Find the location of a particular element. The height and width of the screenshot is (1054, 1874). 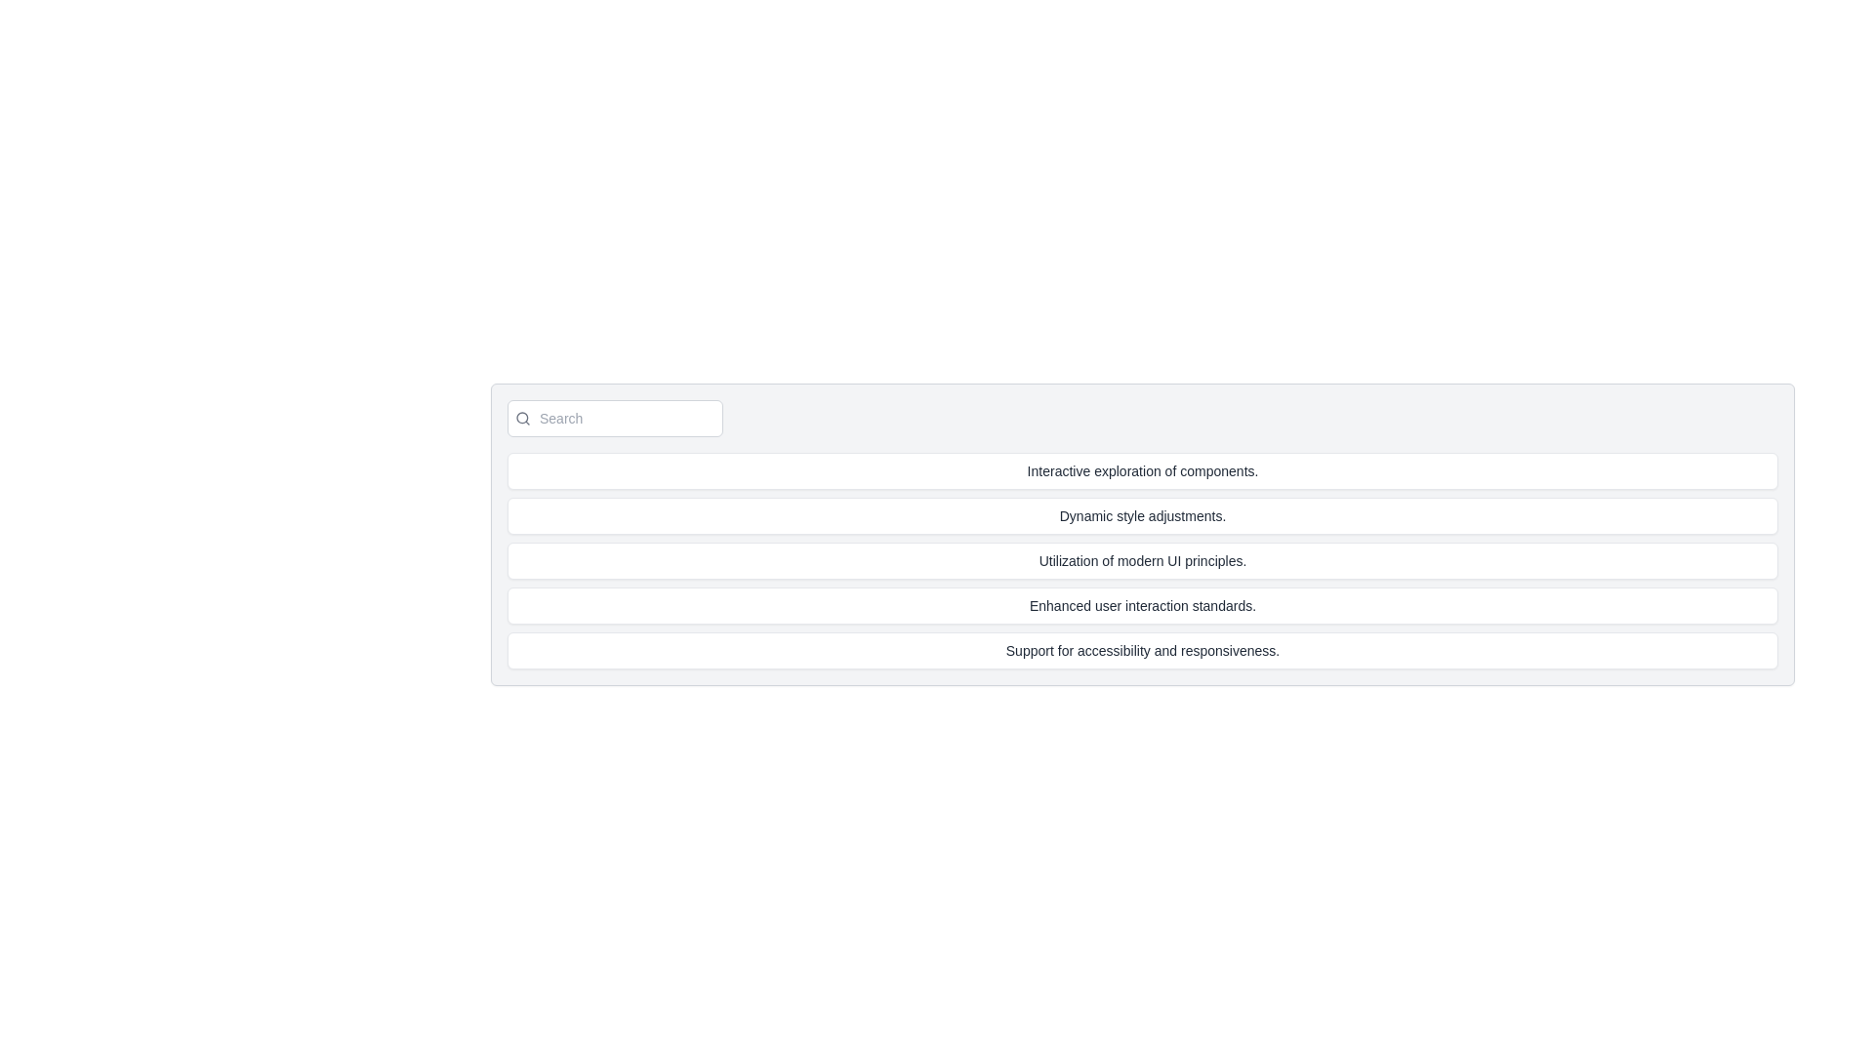

the final letter 'n' of the word 'interaction' in the sentence 'Enhanced user interaction standards.' located in the fourth row of the vertically aligned text list is located at coordinates (1150, 605).